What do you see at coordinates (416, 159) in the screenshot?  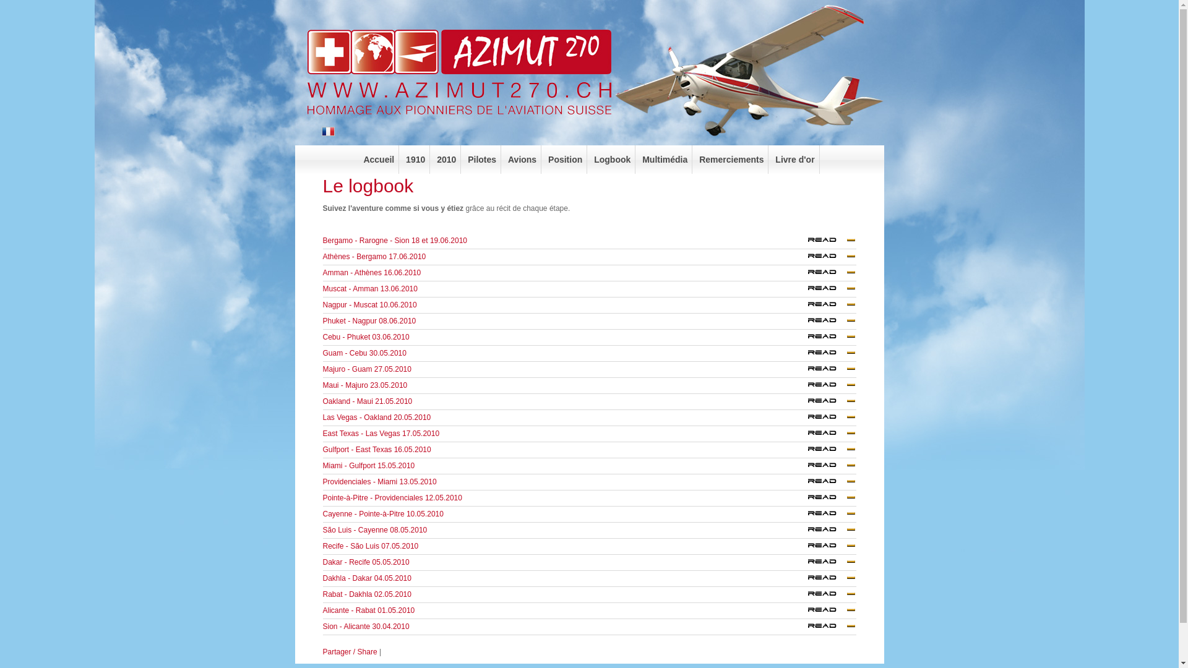 I see `'1910'` at bounding box center [416, 159].